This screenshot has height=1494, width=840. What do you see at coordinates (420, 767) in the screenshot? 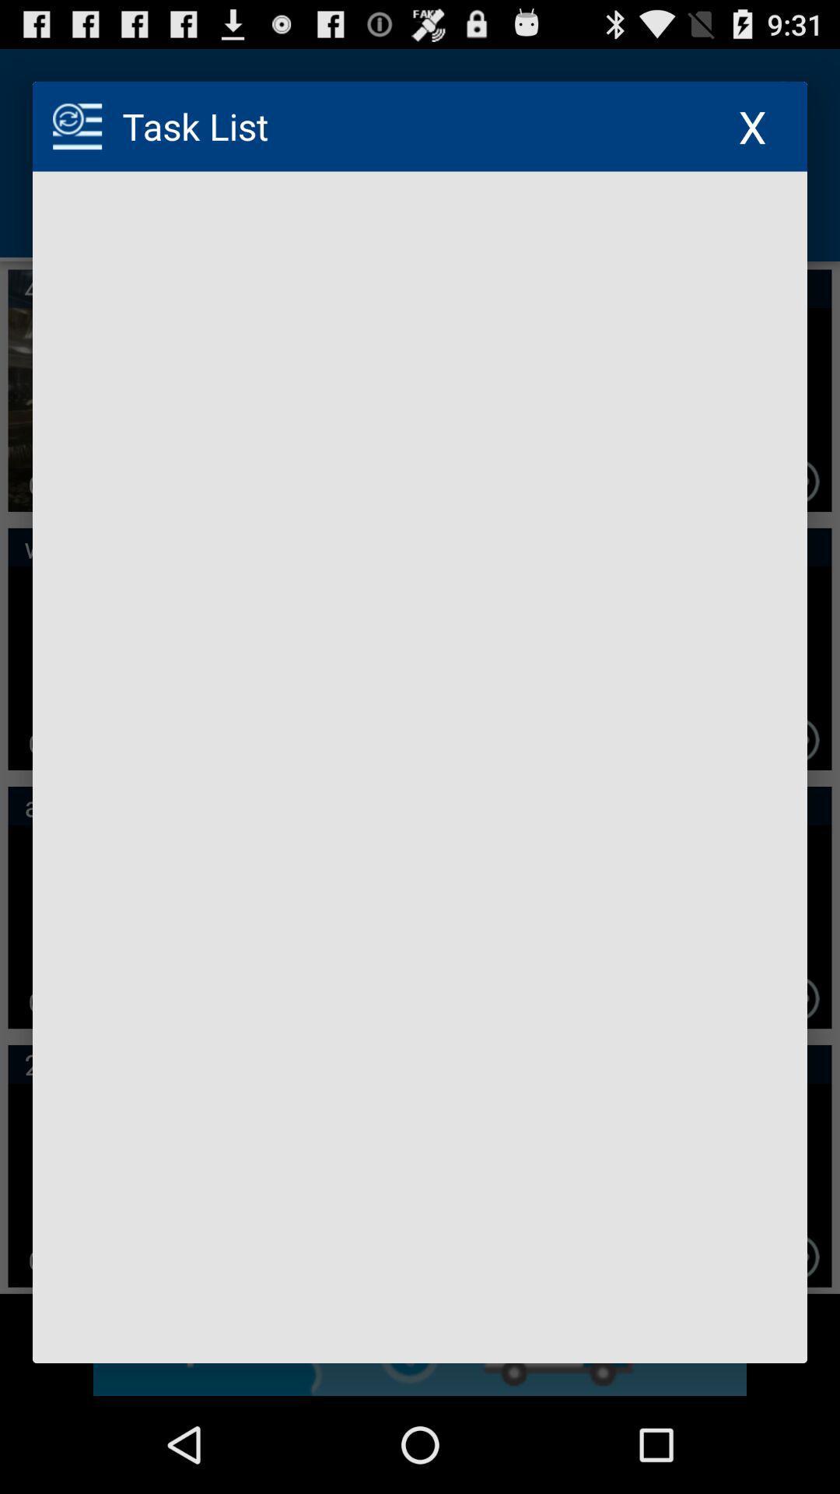
I see `blank page` at bounding box center [420, 767].